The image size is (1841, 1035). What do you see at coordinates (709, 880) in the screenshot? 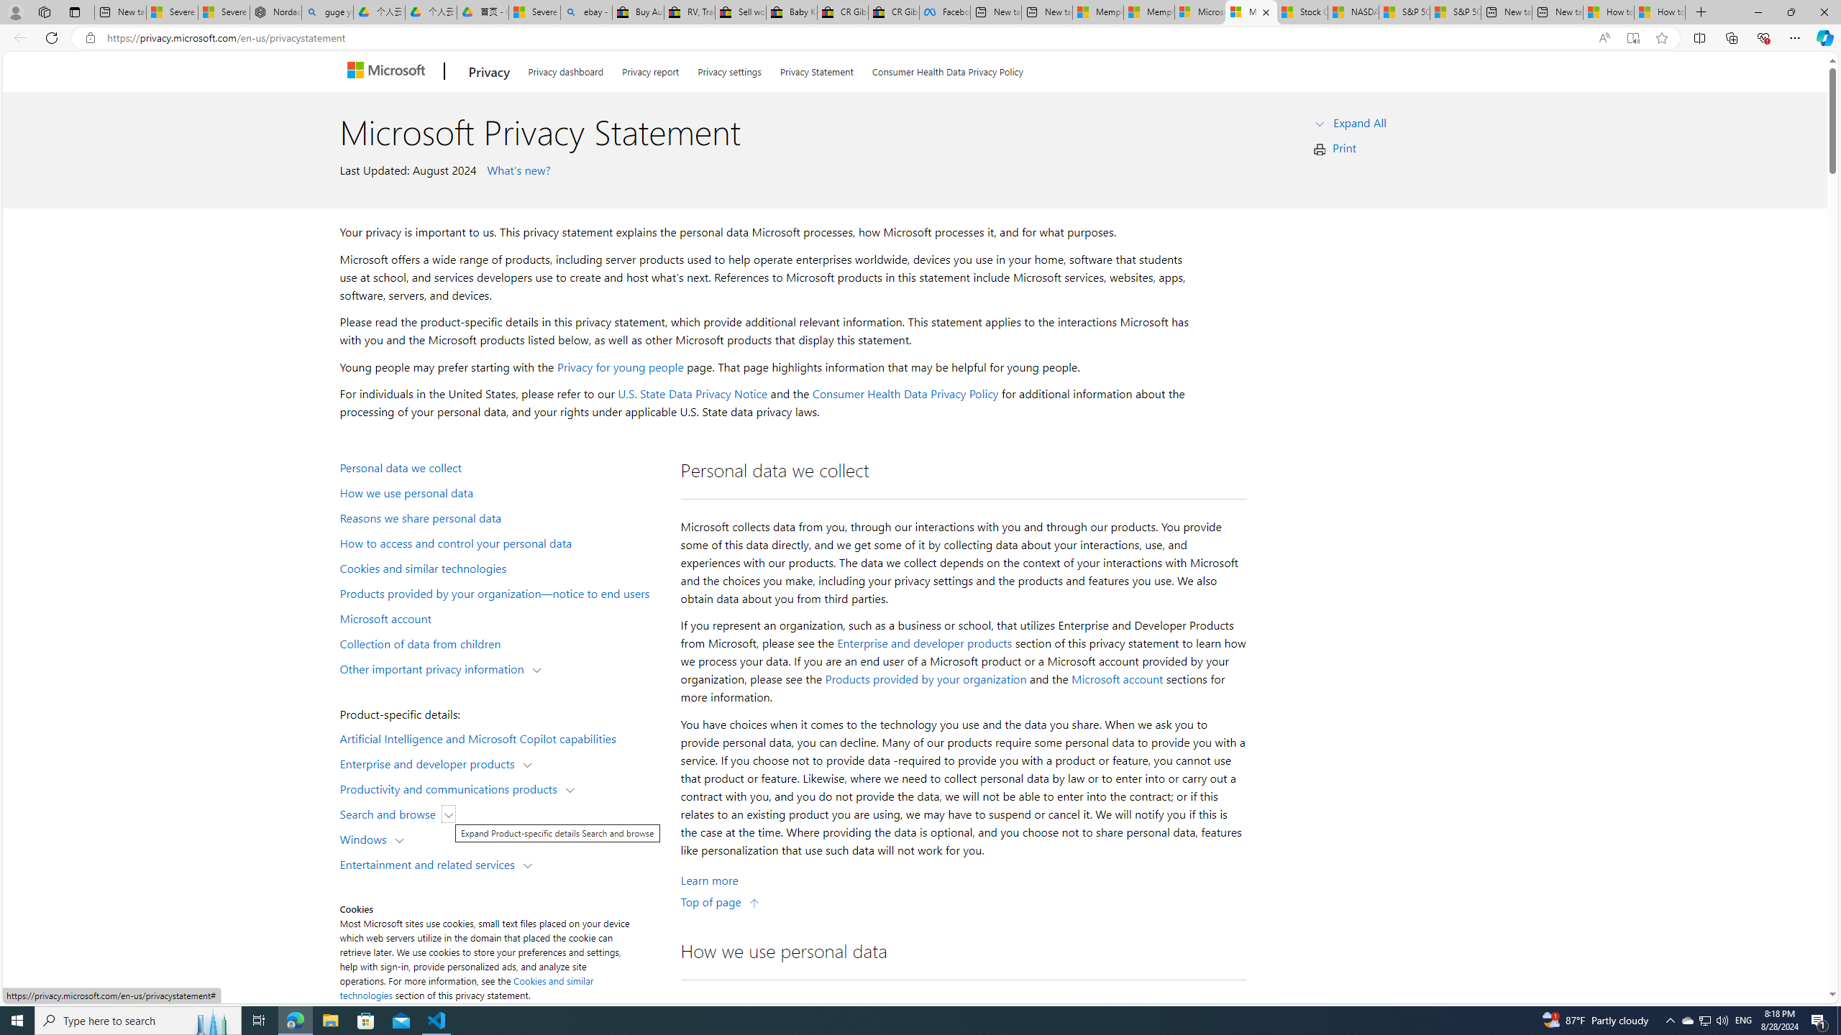
I see `'Learn More about Personal data we collect'` at bounding box center [709, 880].